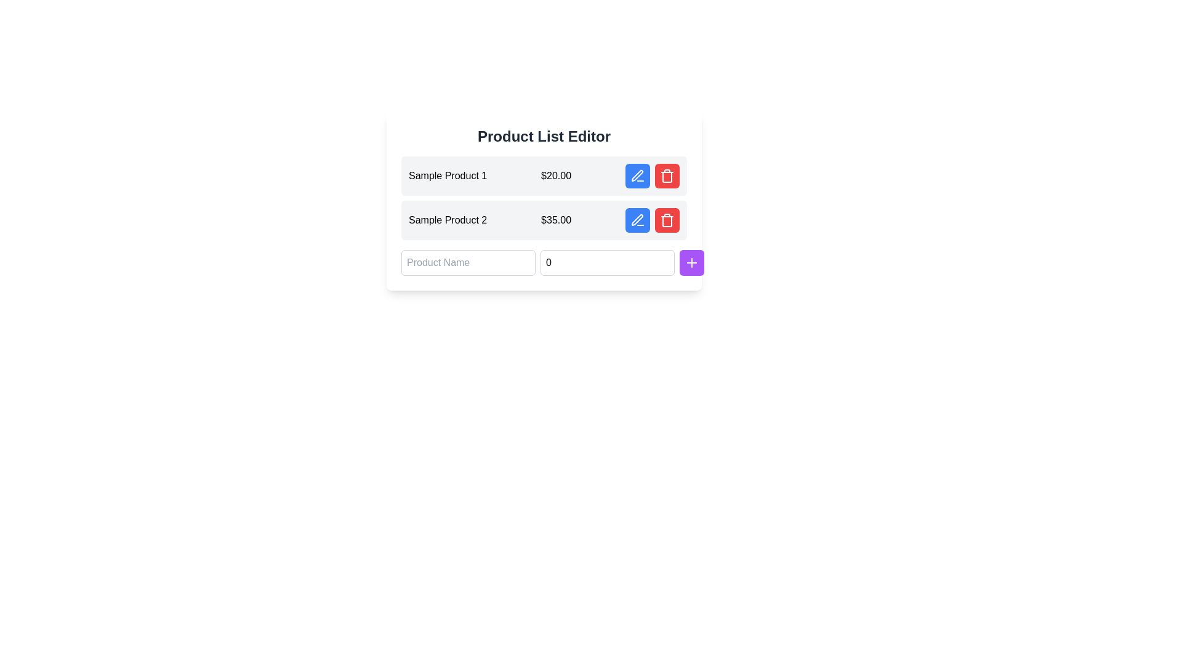 This screenshot has height=665, width=1182. Describe the element at coordinates (543, 137) in the screenshot. I see `the title text indicating that the section is related to editing a list of products, which is located at the top-center of the card component` at that location.